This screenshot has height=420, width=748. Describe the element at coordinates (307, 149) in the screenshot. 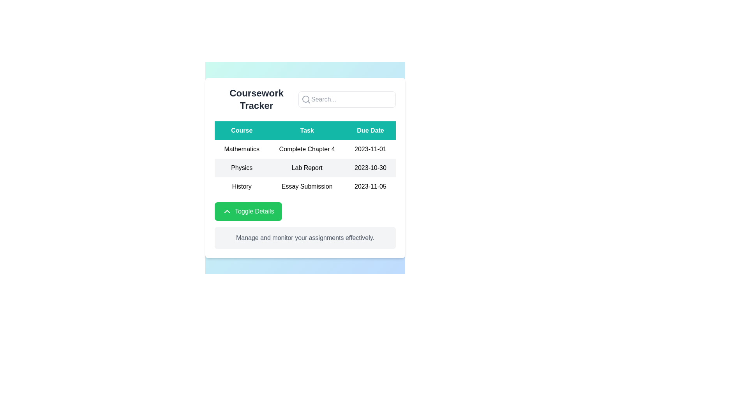

I see `the Text label that displays 'Complete Chapter 4', which is located between the 'Course' and 'Due Date' columns in the Mathematics task table` at that location.